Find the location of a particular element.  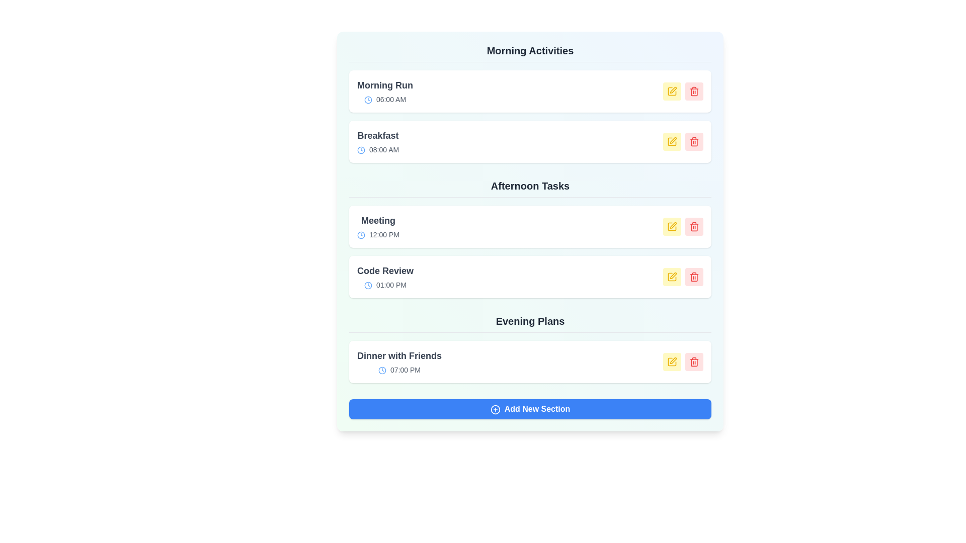

delete button for the event Dinner with Friends is located at coordinates (694, 362).